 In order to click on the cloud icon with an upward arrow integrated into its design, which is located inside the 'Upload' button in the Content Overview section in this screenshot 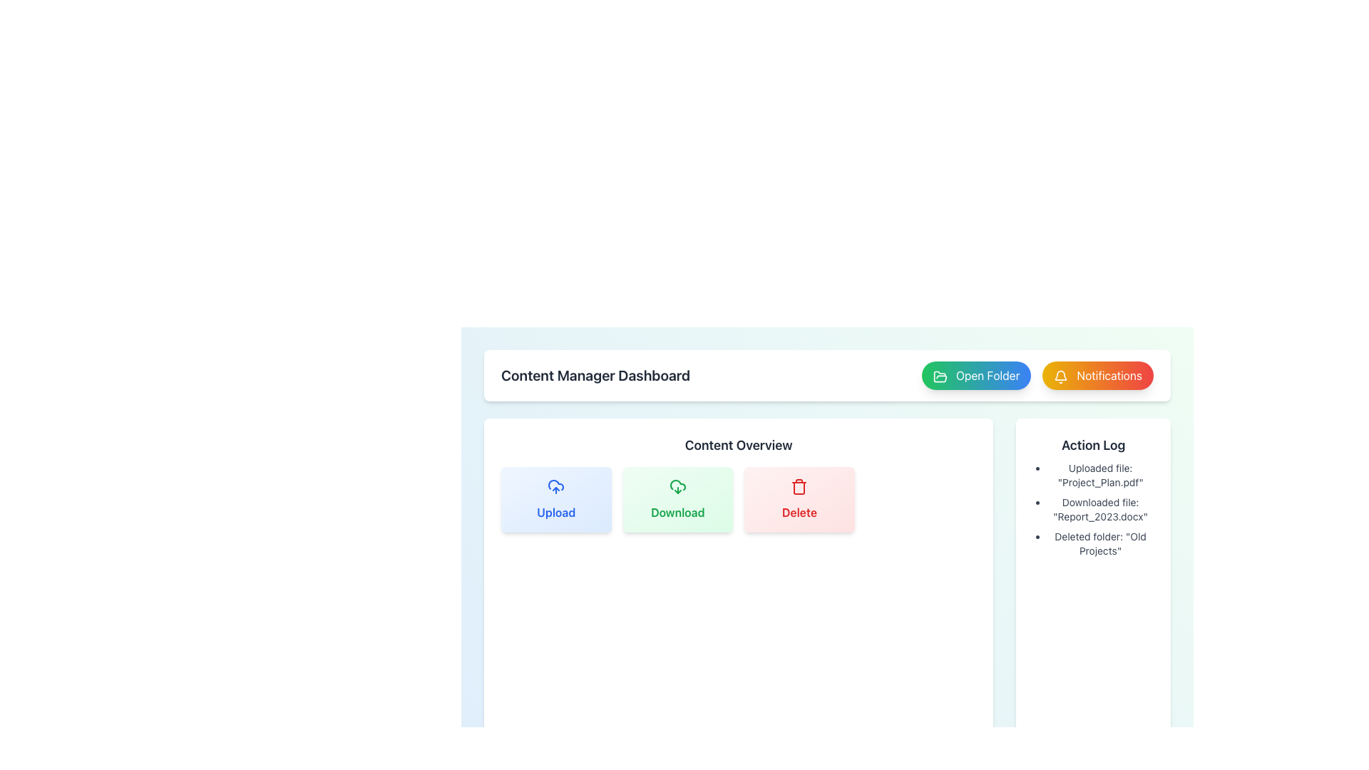, I will do `click(555, 484)`.